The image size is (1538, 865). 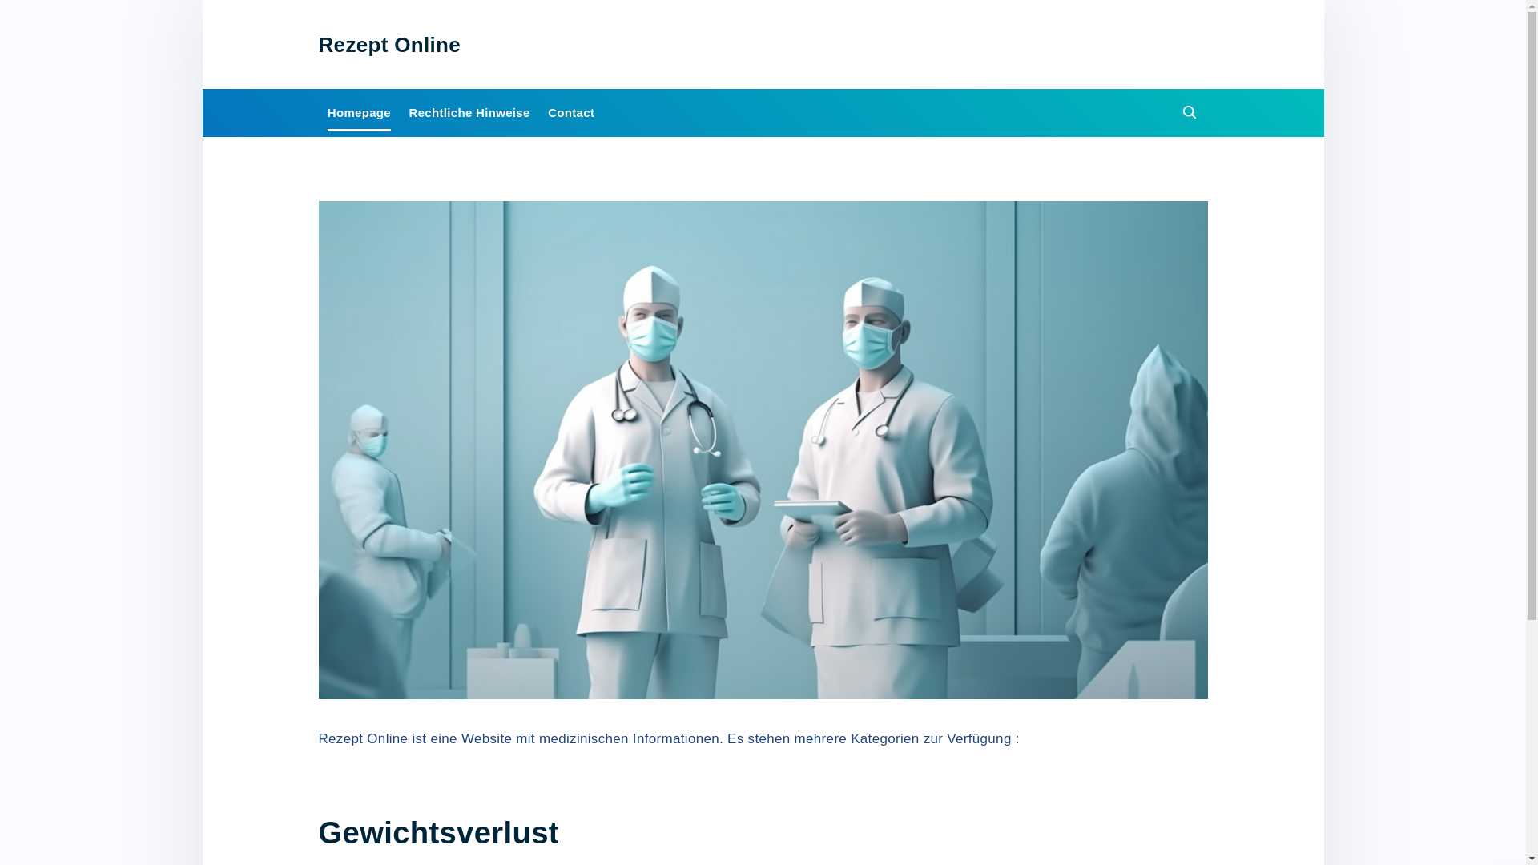 I want to click on 'Contact', so click(x=571, y=111).